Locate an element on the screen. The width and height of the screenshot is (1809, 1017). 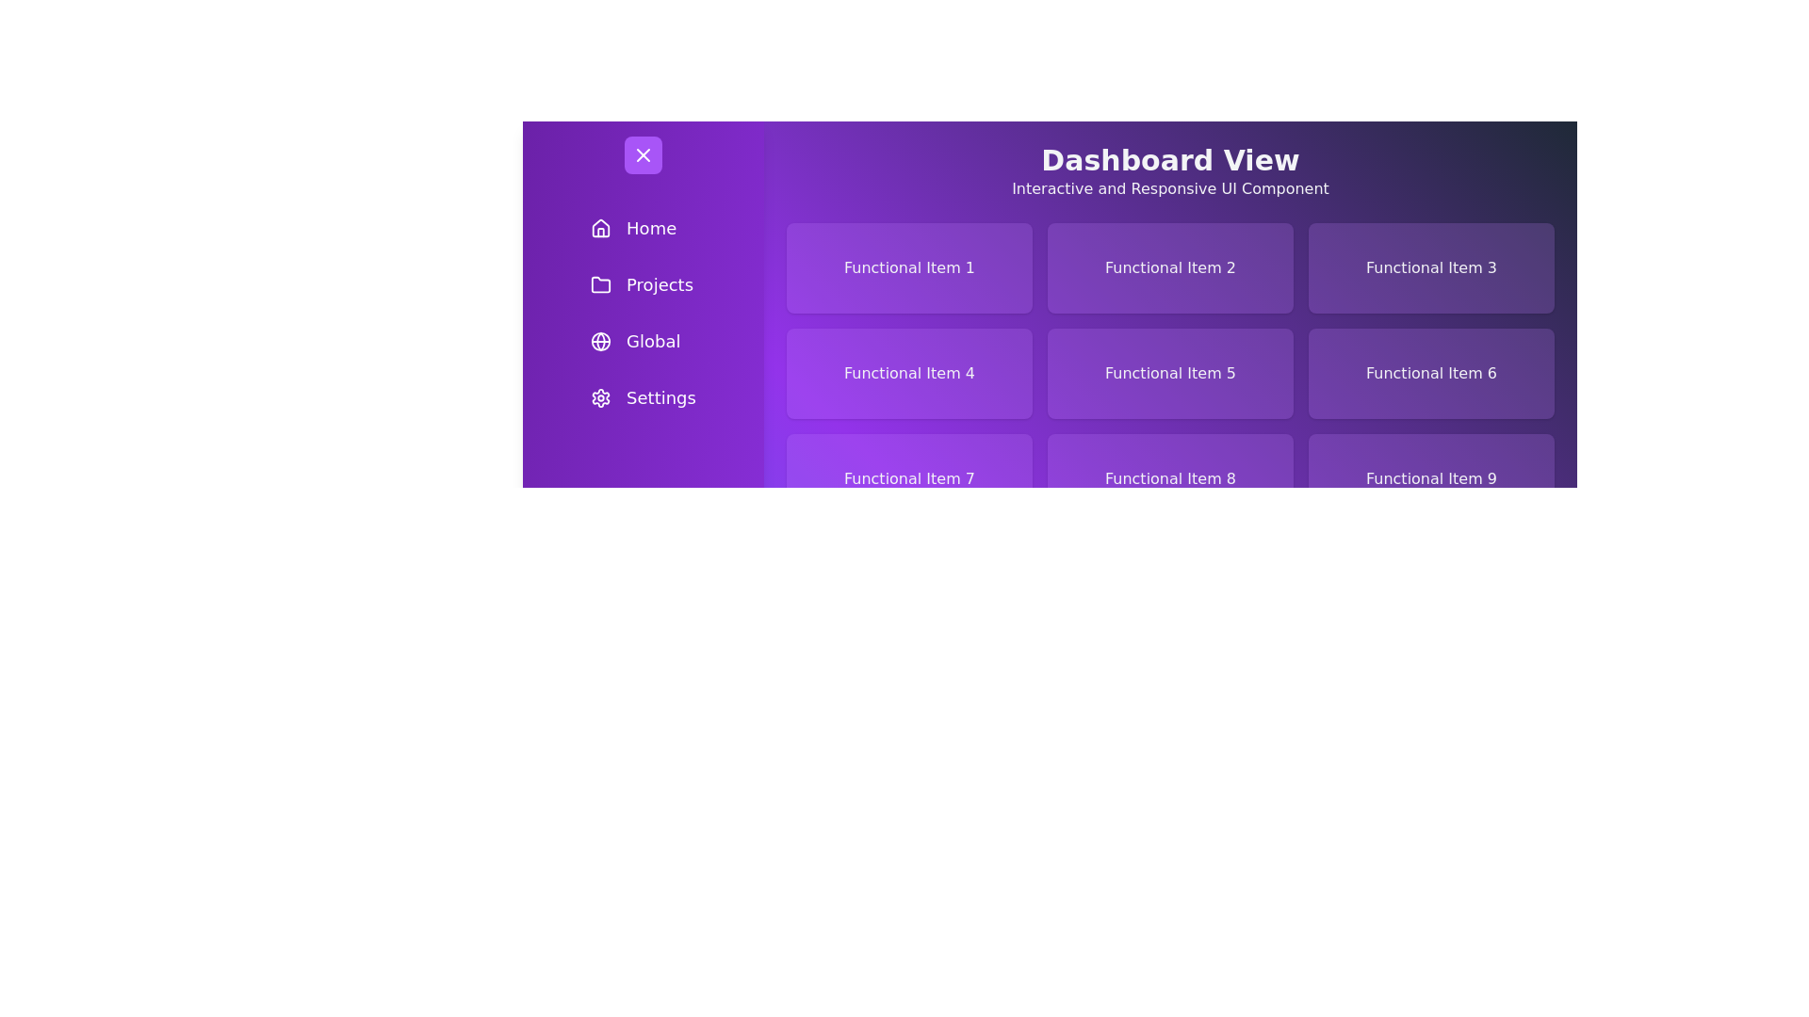
toggle button to toggle the drawer open or closed is located at coordinates (643, 154).